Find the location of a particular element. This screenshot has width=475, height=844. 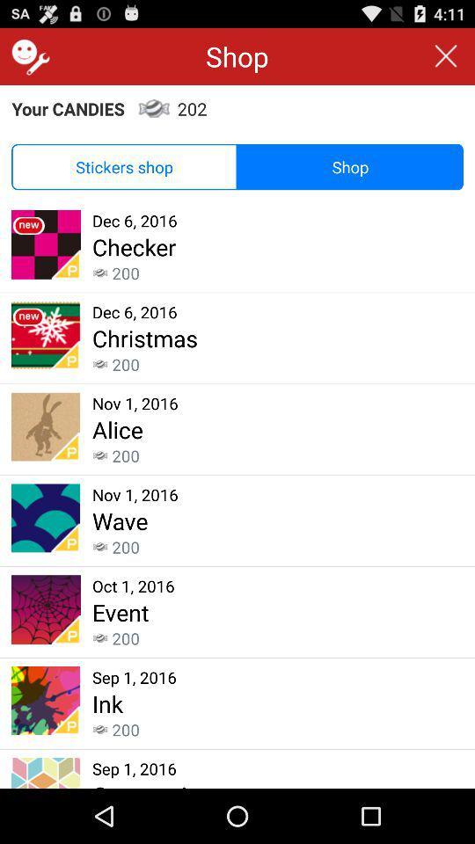

the stickers shop item is located at coordinates (123, 167).